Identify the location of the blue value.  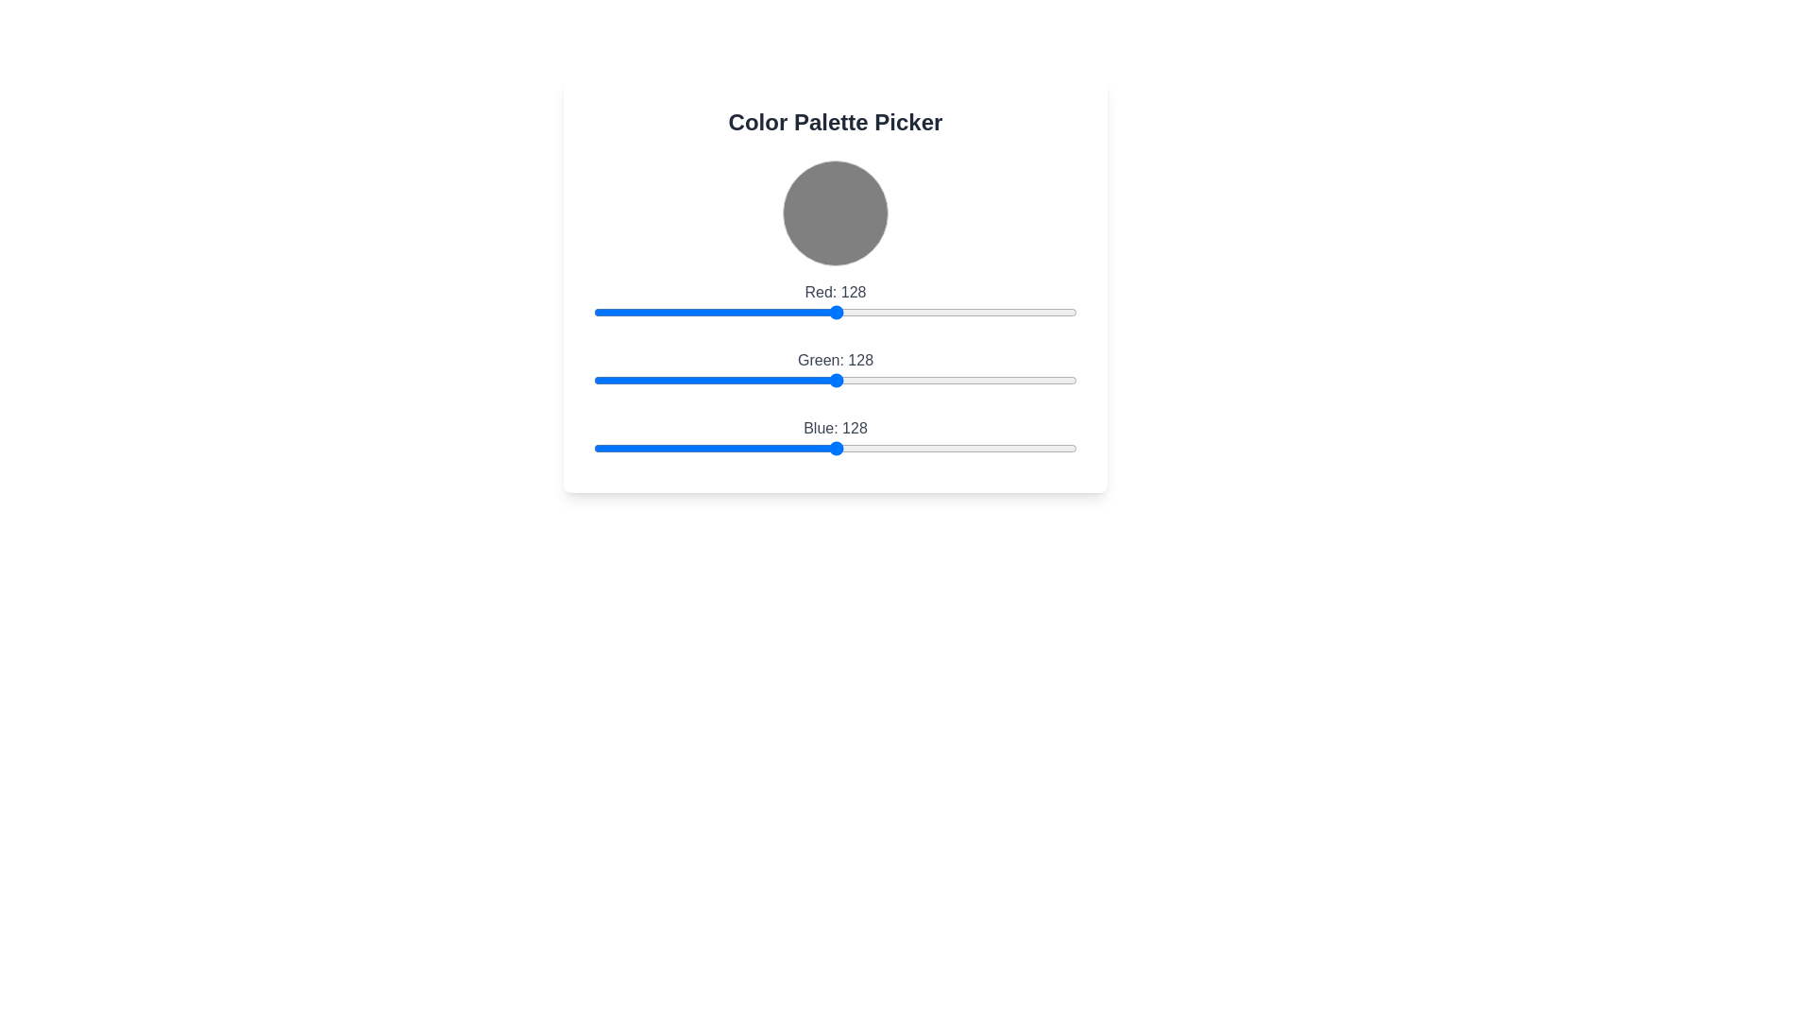
(890, 448).